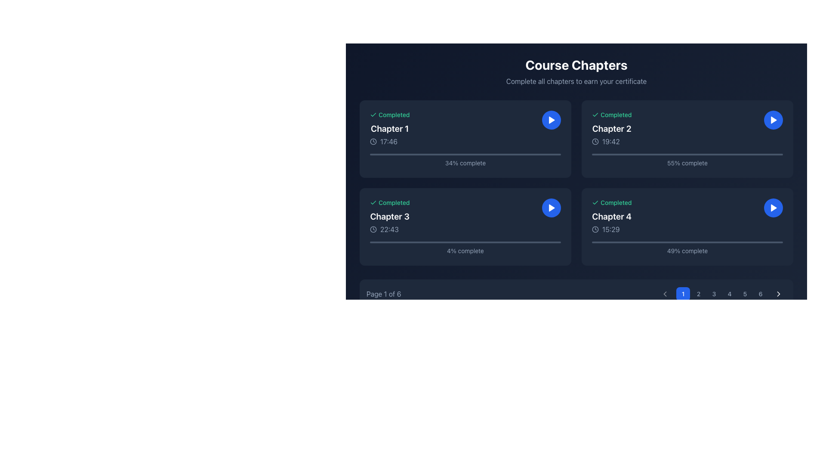  I want to click on the Text with icon component that indicates the duration of 'Chapter 1', located beneath the 'Chapter 1' title and to the right of the clock icon, so click(389, 141).